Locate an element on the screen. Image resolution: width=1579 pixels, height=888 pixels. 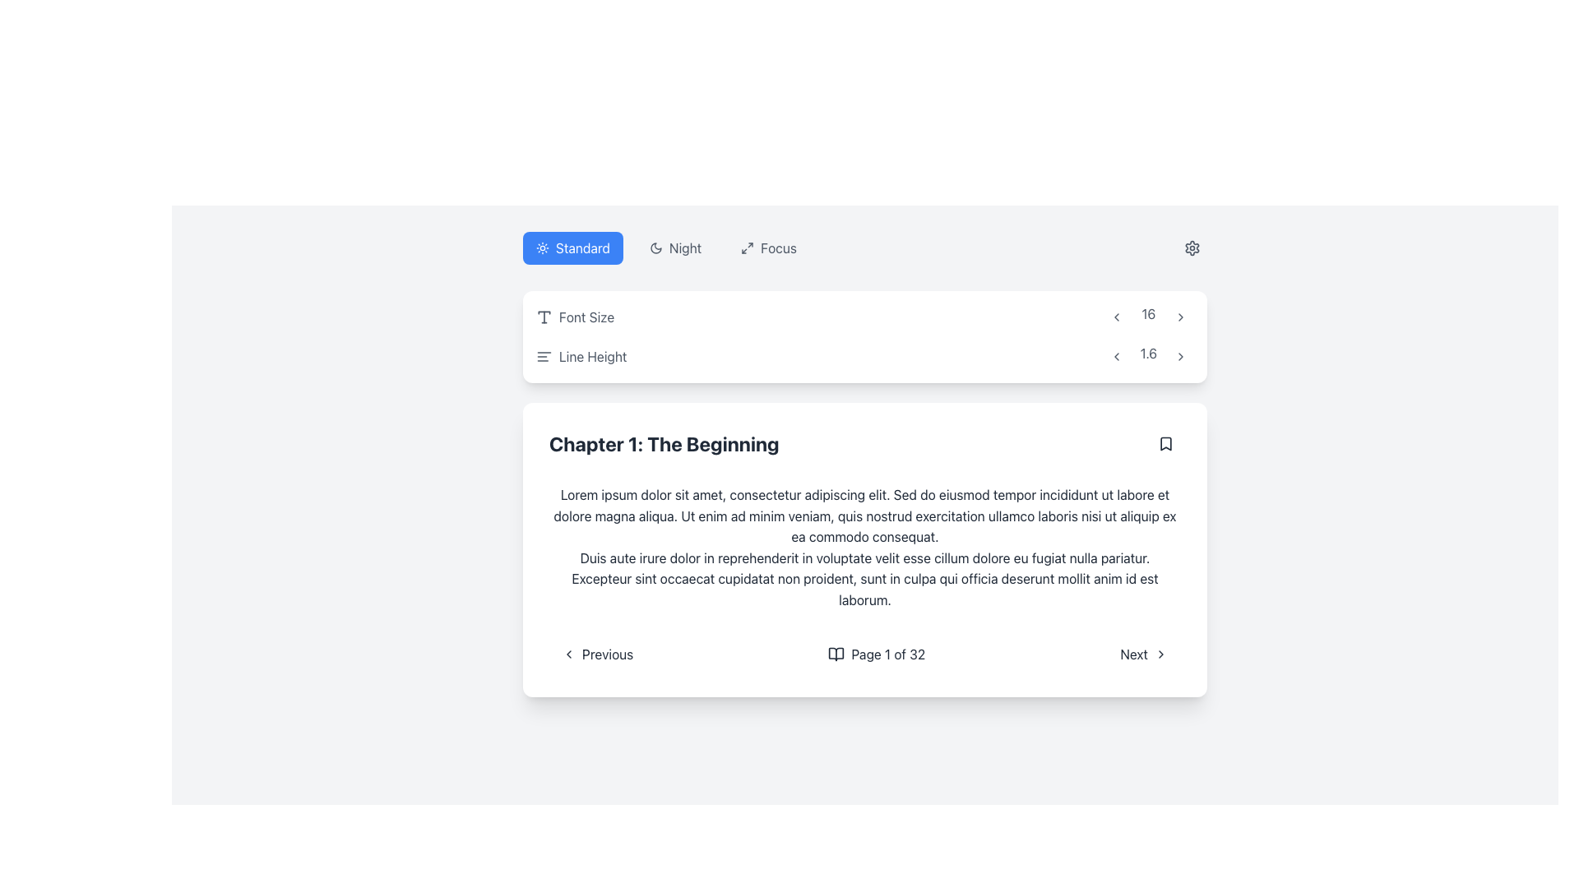
the navigation button located on the right side of the horizontal group of elements is located at coordinates (1179, 356).